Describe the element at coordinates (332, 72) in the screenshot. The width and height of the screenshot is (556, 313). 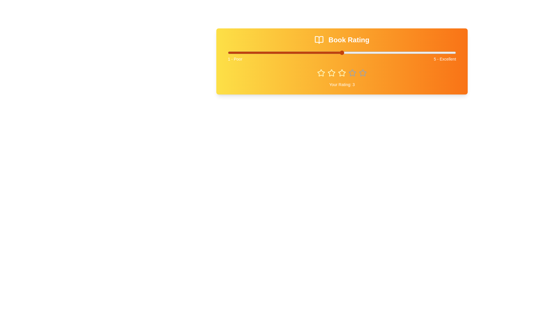
I see `the third star icon in the five-level rating system` at that location.